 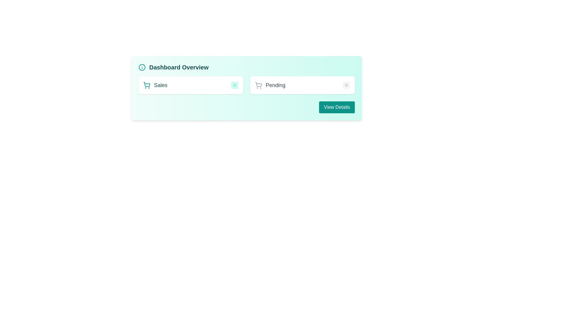 I want to click on the shopping cart icon that represents pending shopping activities, located on the right-hand side of the interface near the 'Pending' text, so click(x=259, y=85).